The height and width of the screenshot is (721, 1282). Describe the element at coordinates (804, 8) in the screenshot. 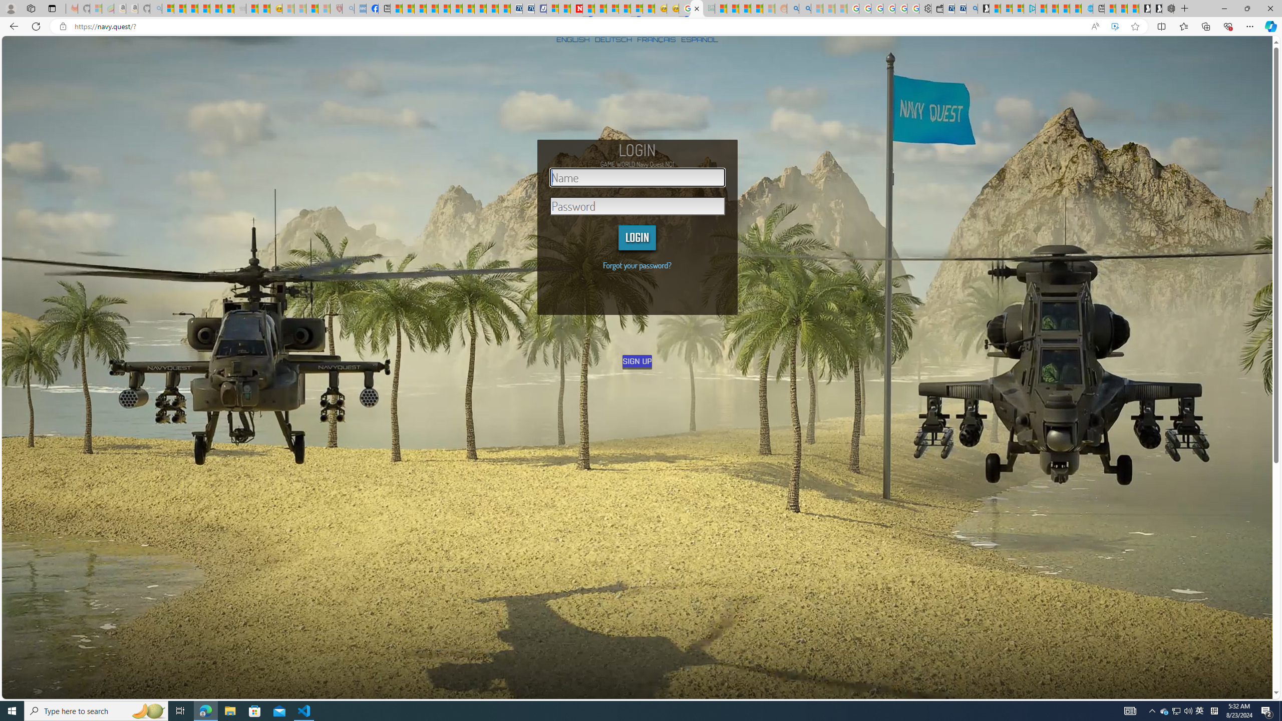

I see `'Utah sues federal government - Search'` at that location.